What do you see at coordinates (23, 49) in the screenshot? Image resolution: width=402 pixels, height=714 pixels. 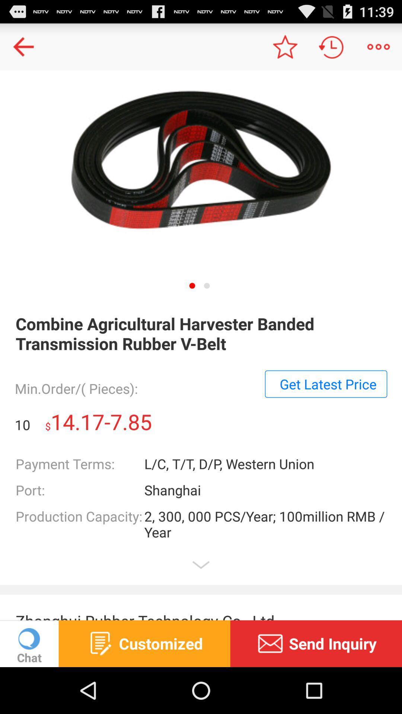 I see `the arrow_backward icon` at bounding box center [23, 49].